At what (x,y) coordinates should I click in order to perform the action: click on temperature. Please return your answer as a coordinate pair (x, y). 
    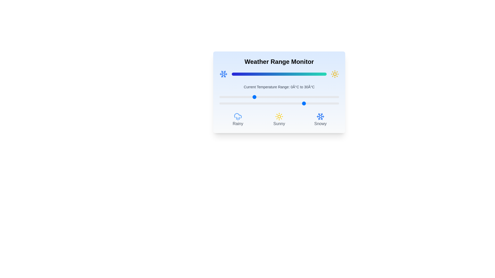
    Looking at the image, I should click on (246, 103).